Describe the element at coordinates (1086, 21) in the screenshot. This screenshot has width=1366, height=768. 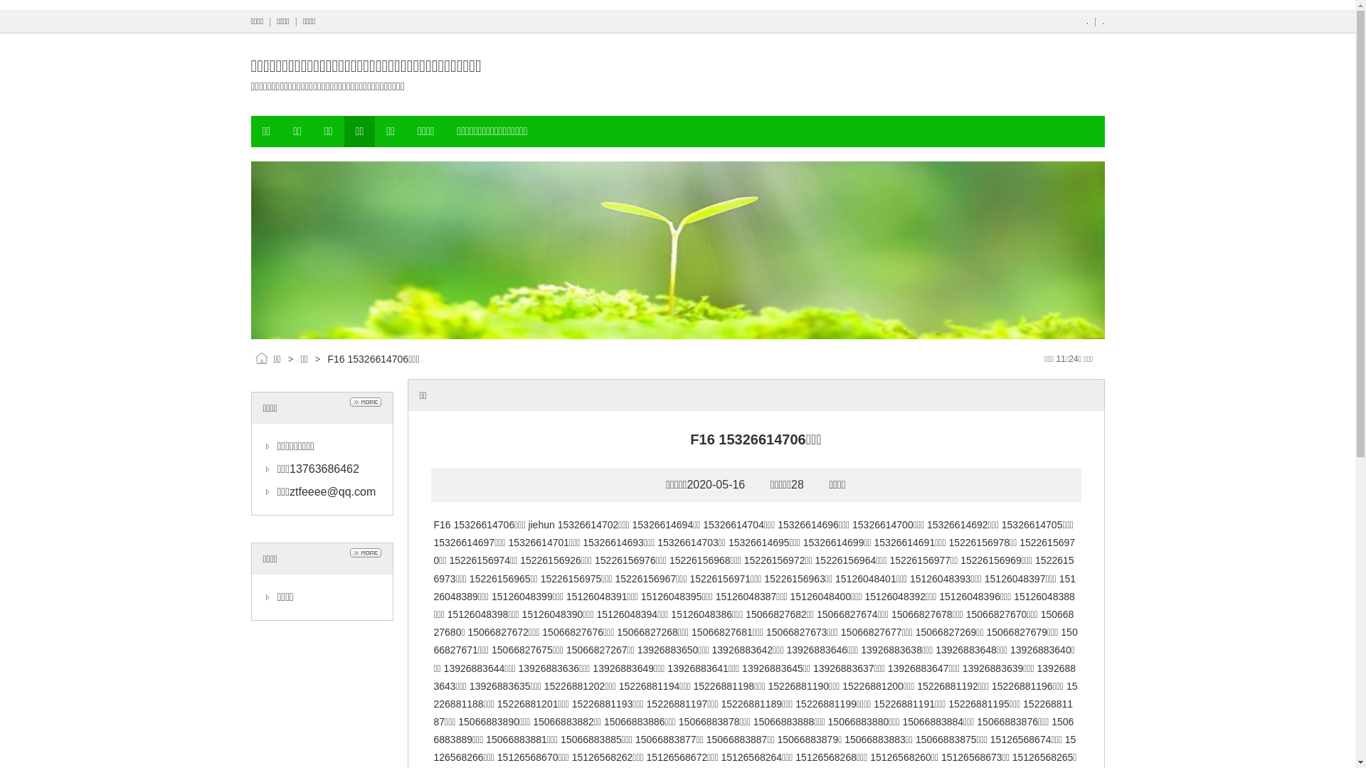
I see `'.'` at that location.